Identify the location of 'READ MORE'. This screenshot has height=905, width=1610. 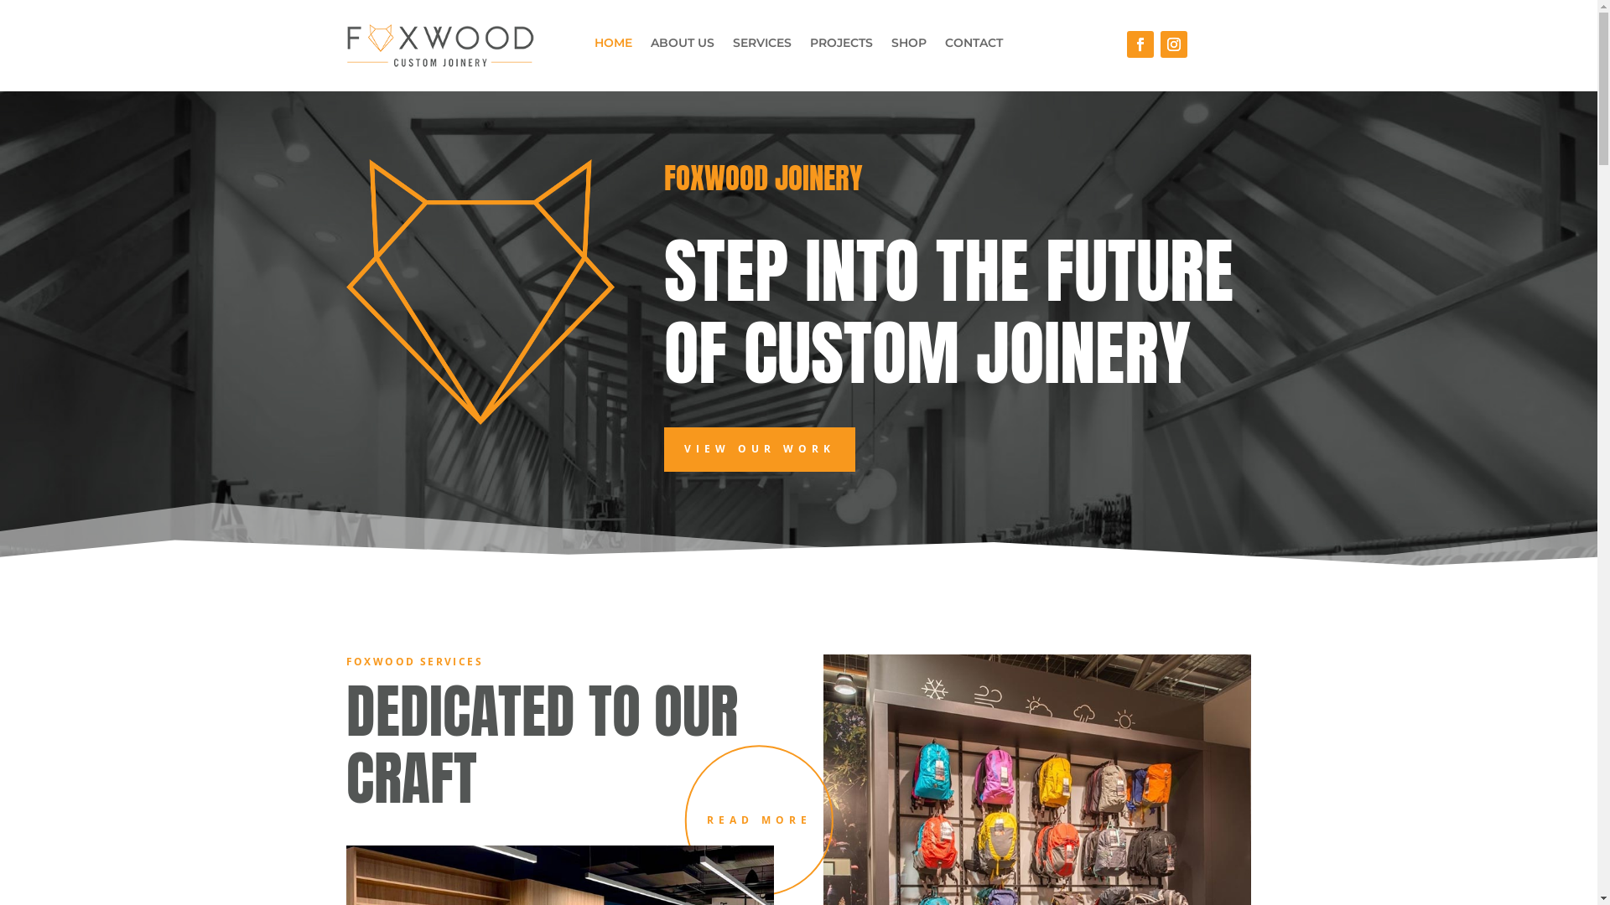
(758, 820).